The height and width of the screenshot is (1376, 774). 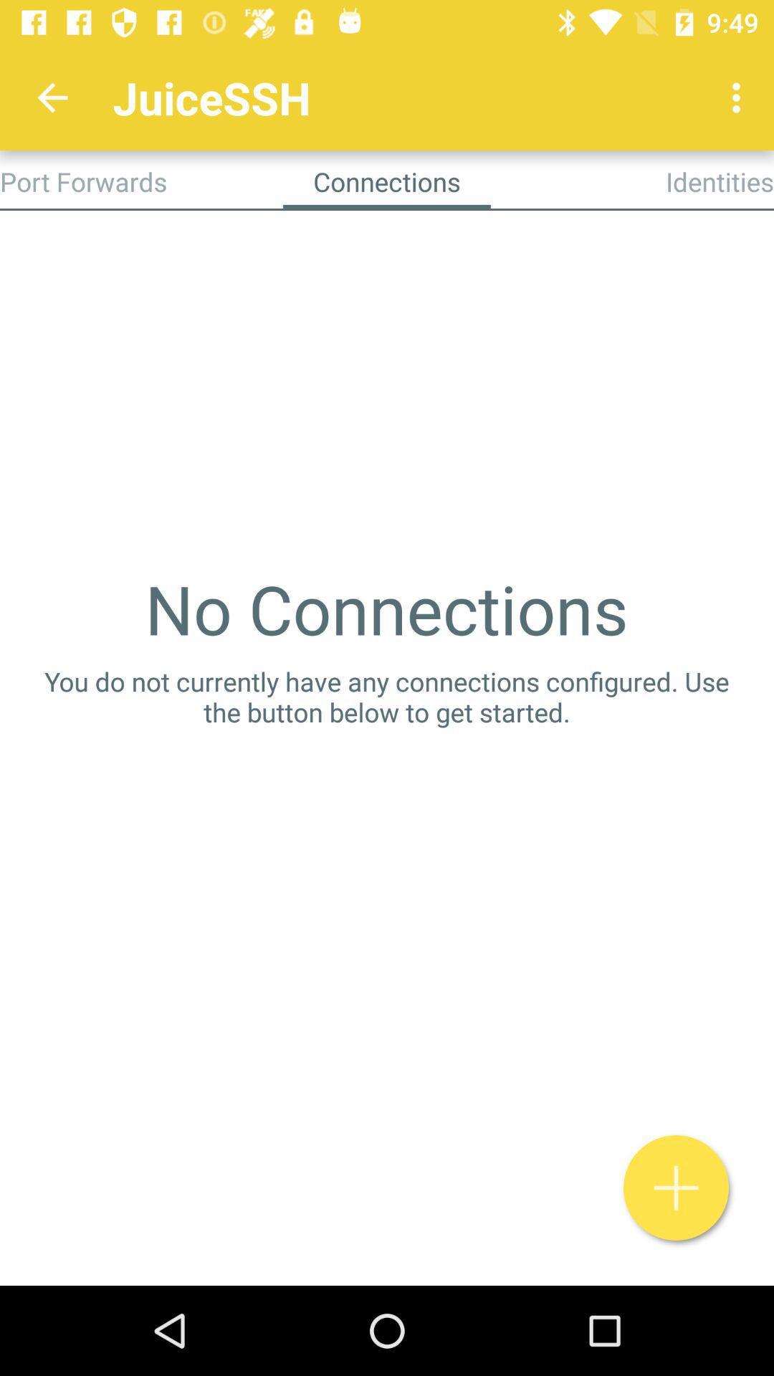 What do you see at coordinates (720, 181) in the screenshot?
I see `the identities item` at bounding box center [720, 181].